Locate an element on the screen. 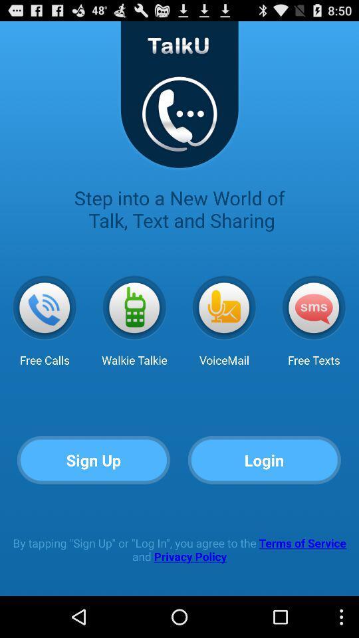 Image resolution: width=359 pixels, height=638 pixels. the by tapping sign icon is located at coordinates (179, 550).